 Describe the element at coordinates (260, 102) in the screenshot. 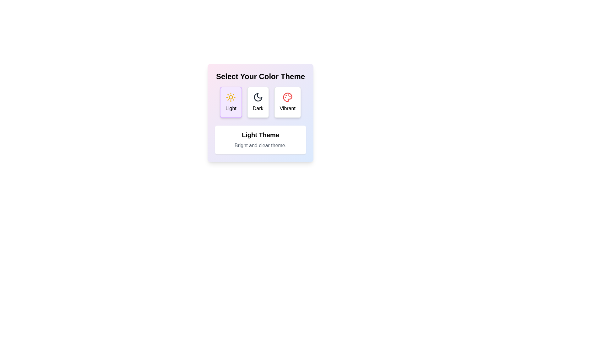

I see `the central button labeled 'Dark'` at that location.